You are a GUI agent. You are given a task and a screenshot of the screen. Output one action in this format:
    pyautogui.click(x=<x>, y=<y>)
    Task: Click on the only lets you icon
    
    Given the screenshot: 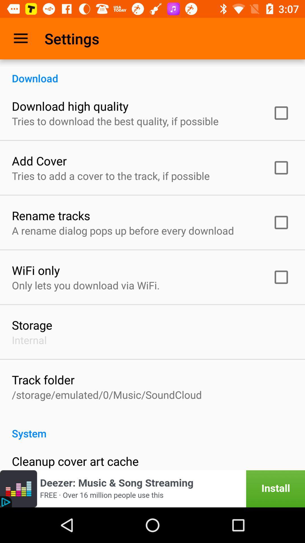 What is the action you would take?
    pyautogui.click(x=86, y=285)
    